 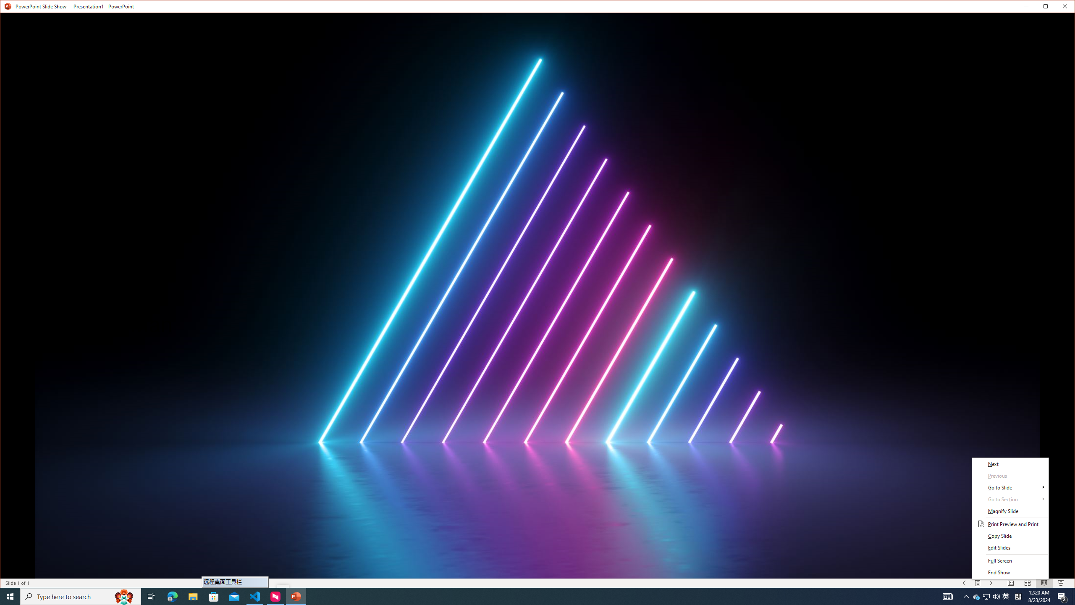 I want to click on 'Copy Slide', so click(x=1010, y=536).